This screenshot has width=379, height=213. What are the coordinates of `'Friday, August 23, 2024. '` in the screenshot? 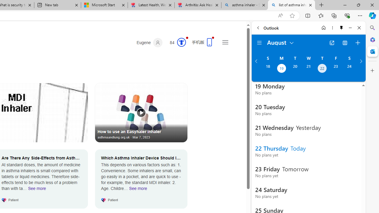 It's located at (336, 69).